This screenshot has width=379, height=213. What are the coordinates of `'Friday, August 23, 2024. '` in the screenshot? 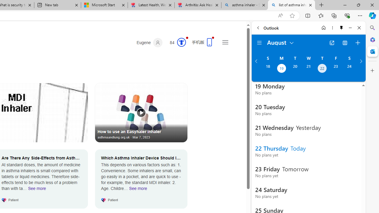 It's located at (336, 69).